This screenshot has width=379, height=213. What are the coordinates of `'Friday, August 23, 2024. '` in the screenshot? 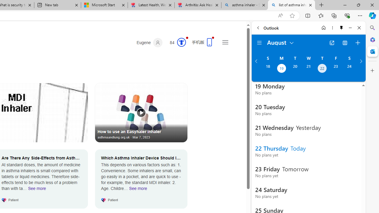 It's located at (336, 69).